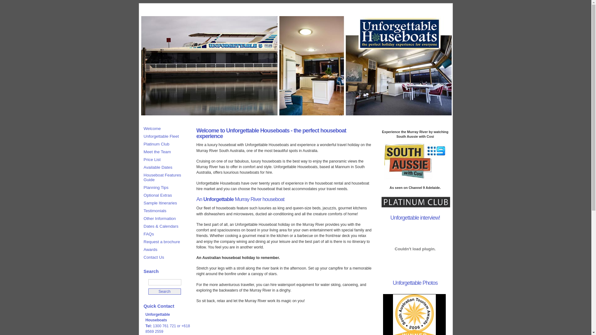 The width and height of the screenshot is (596, 335). What do you see at coordinates (166, 241) in the screenshot?
I see `'Request a brochure'` at bounding box center [166, 241].